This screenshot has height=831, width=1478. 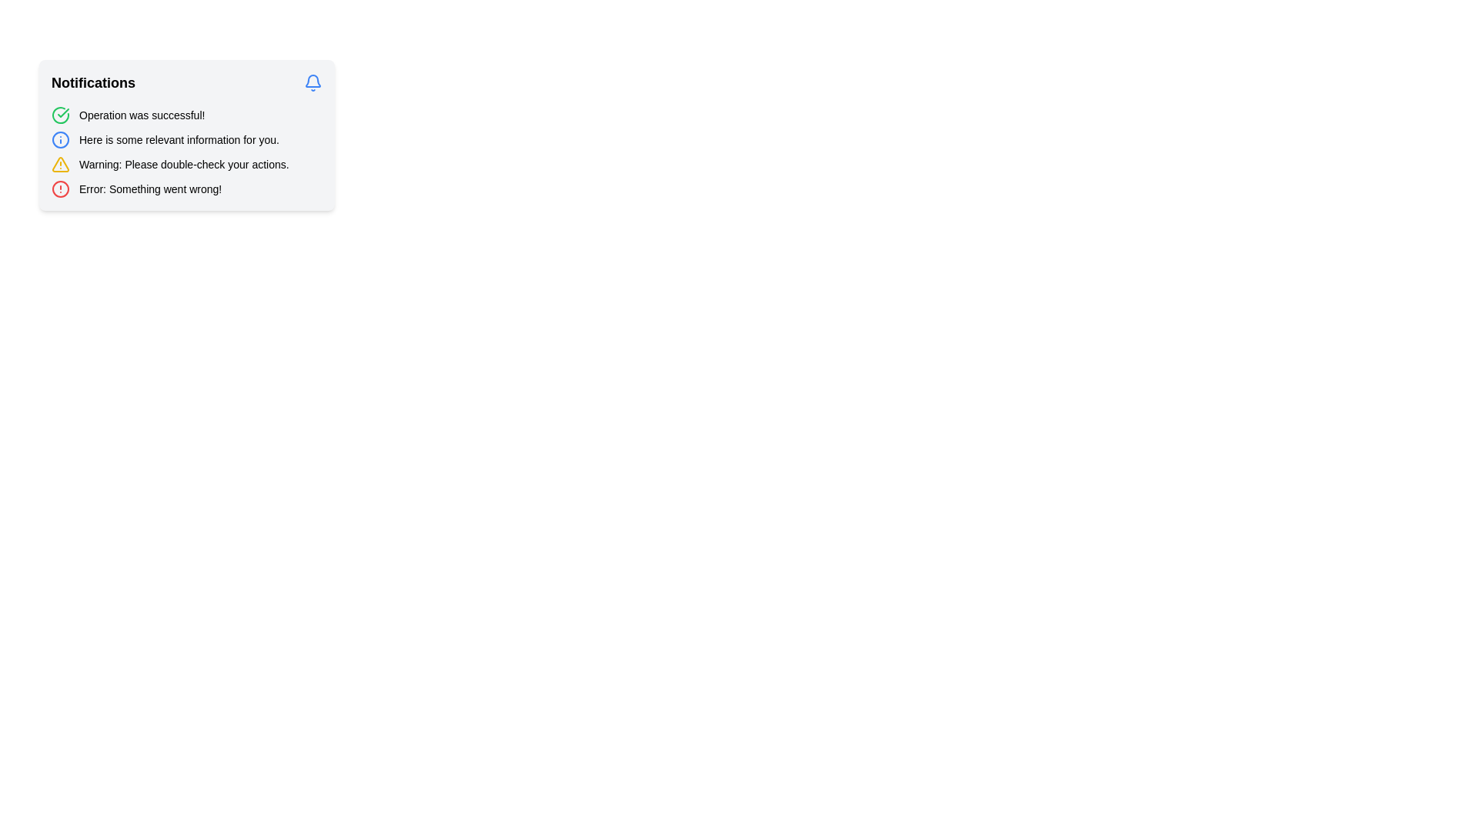 What do you see at coordinates (179, 139) in the screenshot?
I see `the text element that reads 'Here is some relevant information for you.' in the notification area, which is styled with a small font size and medium weight, located in the second row after 'Operation was successful!'` at bounding box center [179, 139].